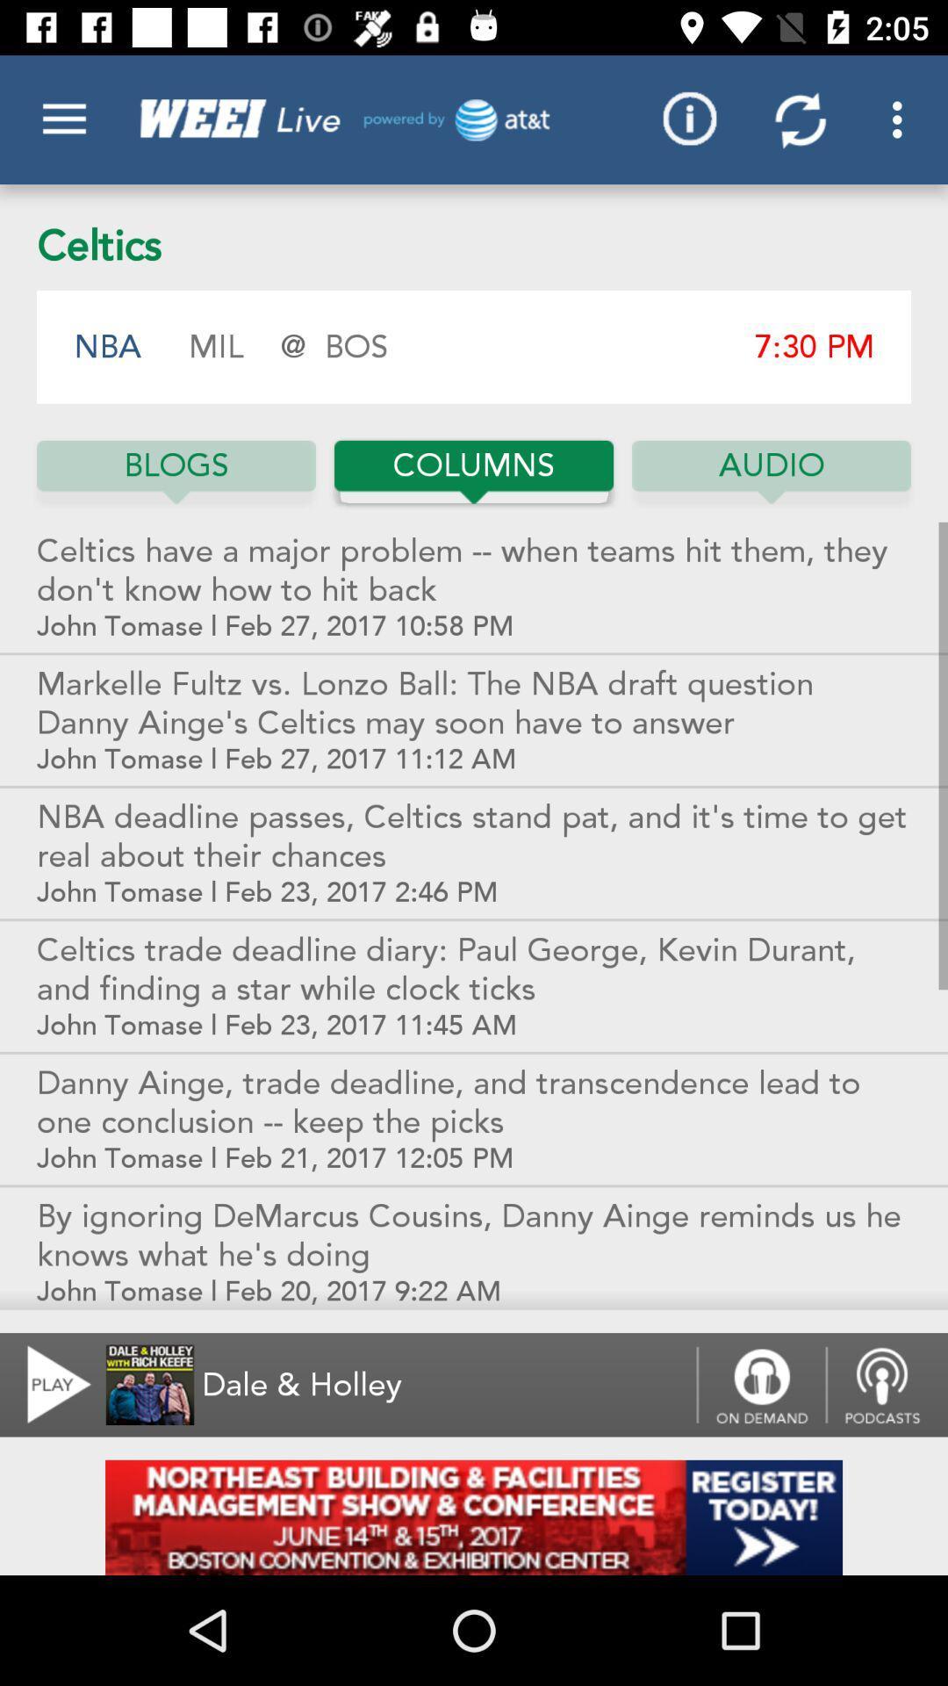 This screenshot has width=948, height=1686. Describe the element at coordinates (474, 1517) in the screenshot. I see `advertisement` at that location.